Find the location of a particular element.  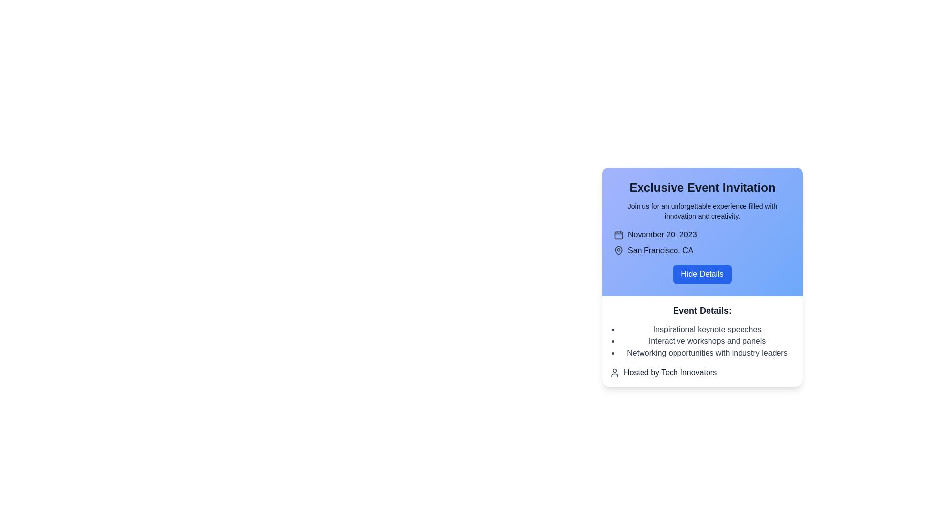

the text label displaying 'Hosted by Tech Innovators' located in the footer section of the card, aligned to the left beside a user icon is located at coordinates (670, 372).